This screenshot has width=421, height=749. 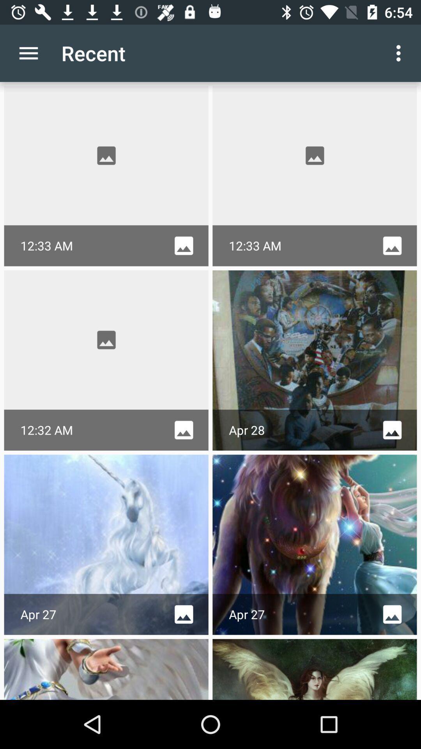 I want to click on the image icon below the first pic in first row, so click(x=184, y=245).